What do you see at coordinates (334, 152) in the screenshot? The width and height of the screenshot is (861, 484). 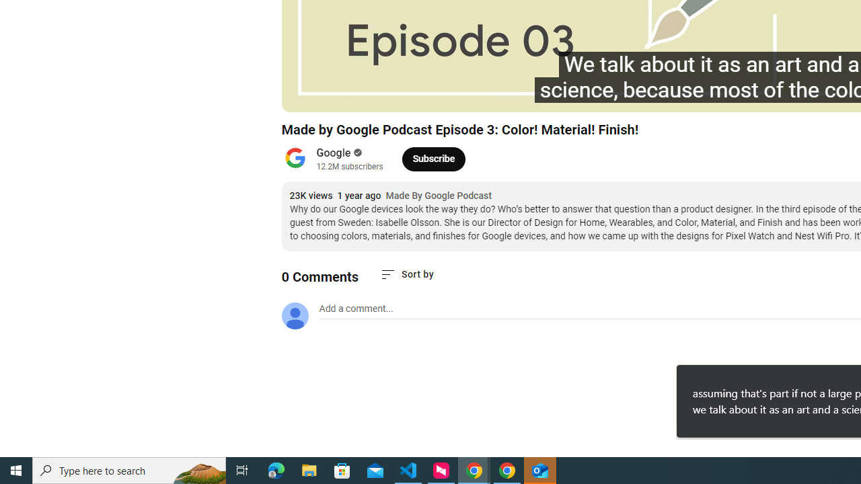 I see `'Google'` at bounding box center [334, 152].